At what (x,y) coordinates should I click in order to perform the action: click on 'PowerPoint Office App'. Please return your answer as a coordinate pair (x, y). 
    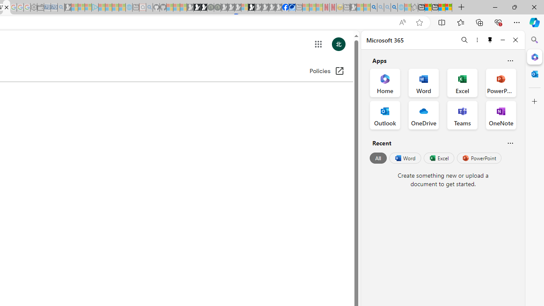
    Looking at the image, I should click on (501, 83).